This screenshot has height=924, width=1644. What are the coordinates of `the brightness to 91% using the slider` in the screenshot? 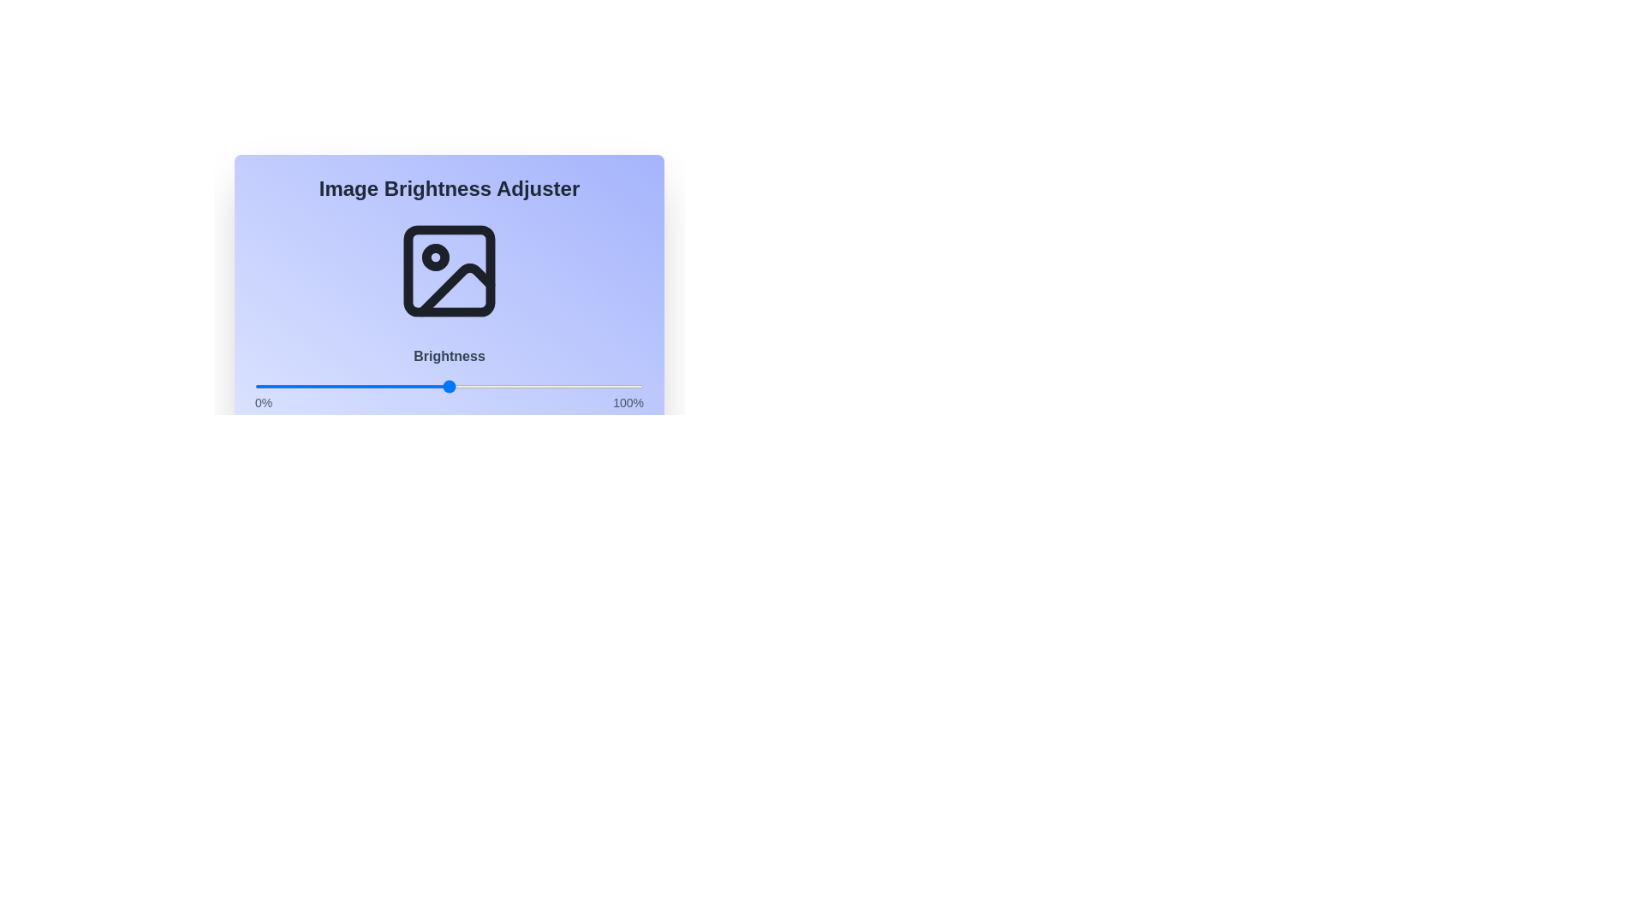 It's located at (609, 386).